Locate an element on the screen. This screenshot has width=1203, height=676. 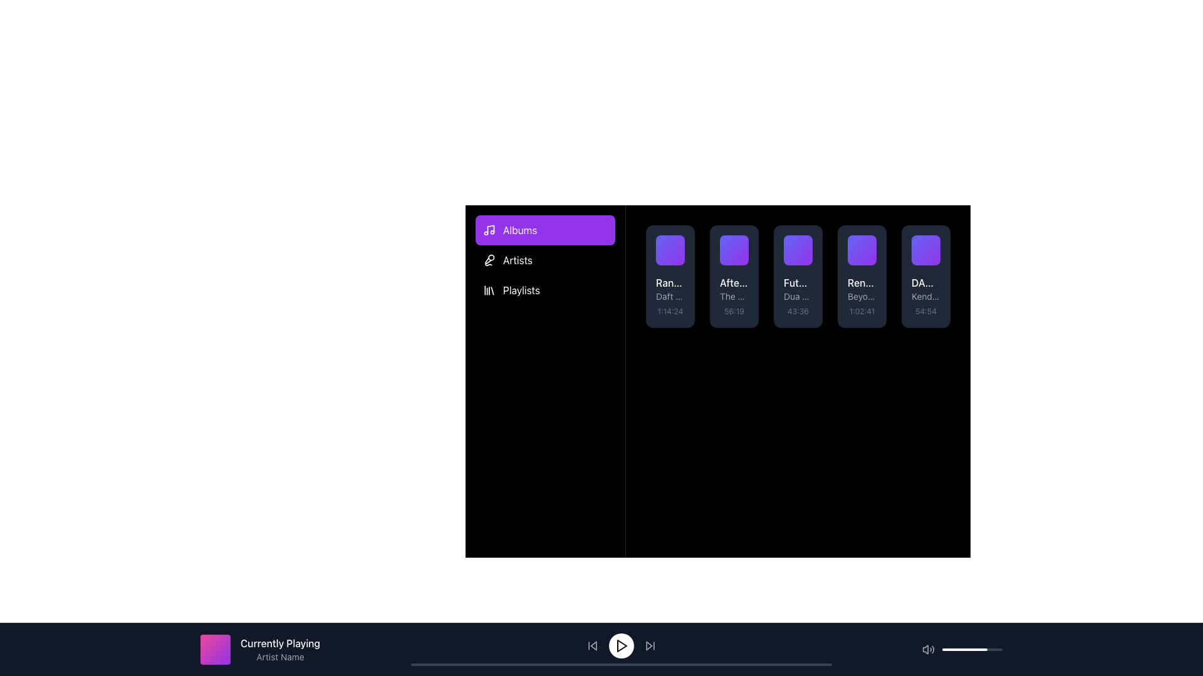
displayed information from the Informational Panel which shows 'Currently Playing' and 'Artist Name' in a visually distinct layout with a gradient background is located at coordinates (259, 648).